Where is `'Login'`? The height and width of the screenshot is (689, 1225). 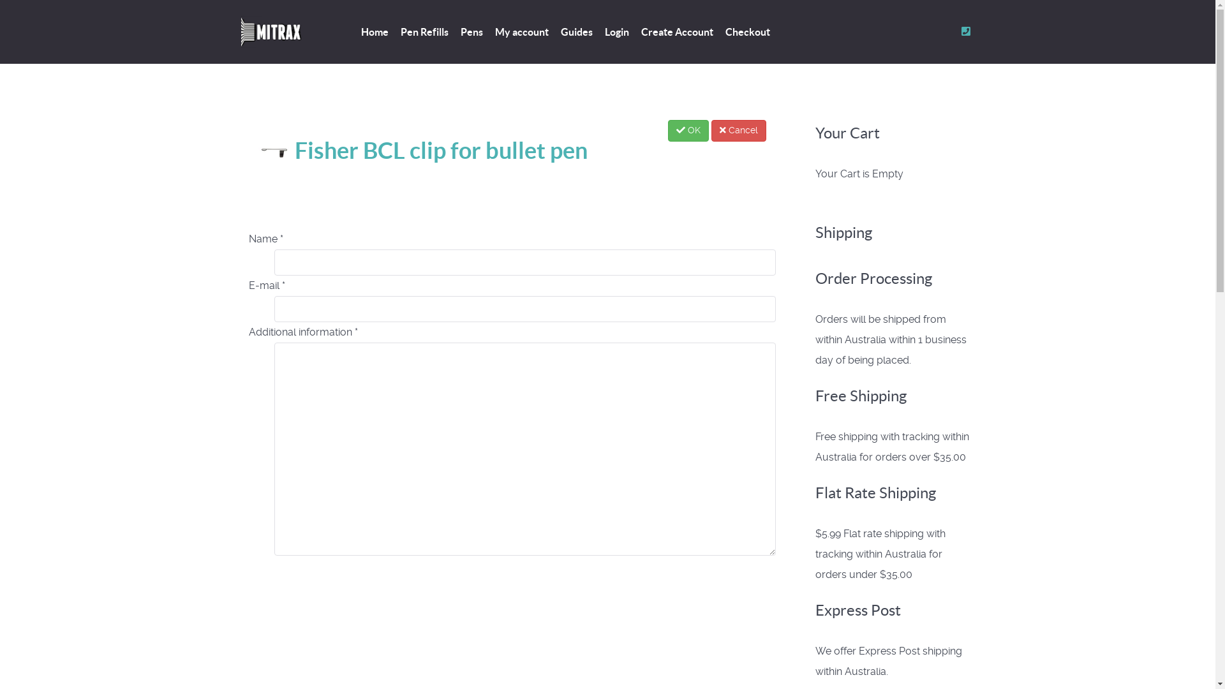 'Login' is located at coordinates (616, 32).